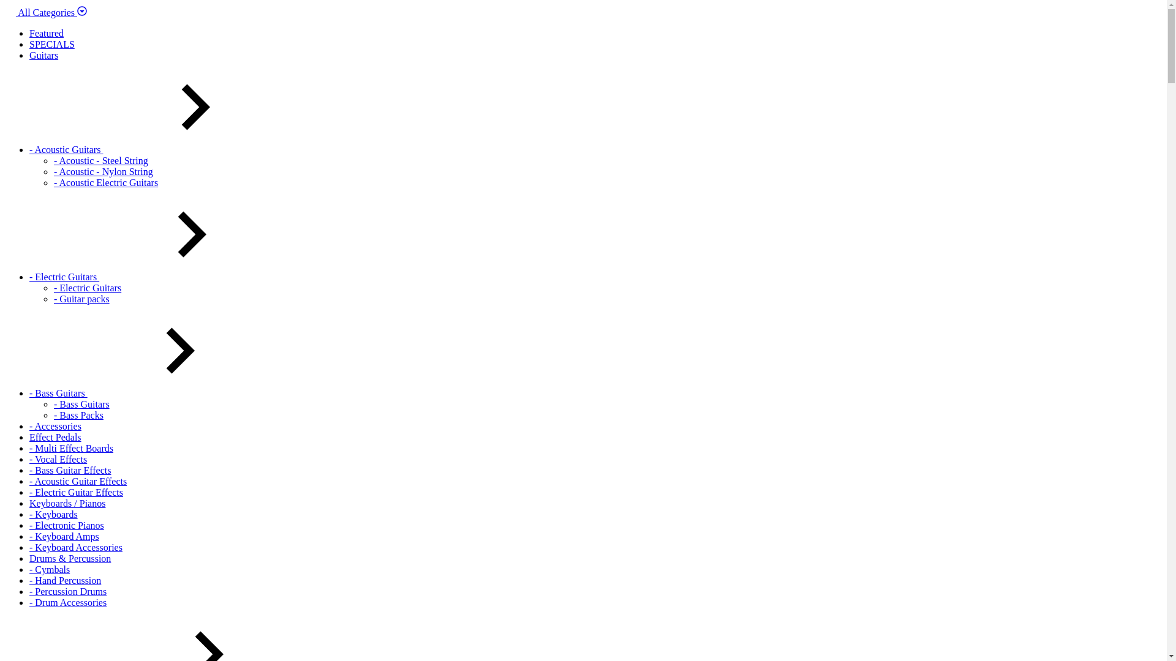 This screenshot has width=1176, height=661. Describe the element at coordinates (78, 414) in the screenshot. I see `'- Bass Packs'` at that location.